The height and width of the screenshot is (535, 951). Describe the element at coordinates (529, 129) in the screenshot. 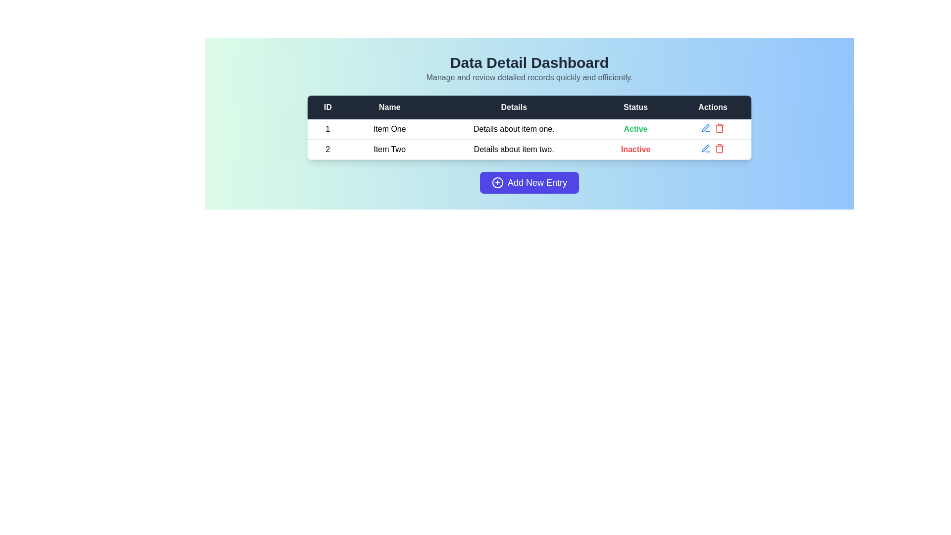

I see `details presented in the first row of the table, which includes ID '1', name 'Item One', description 'Details about item one.', and status 'Active'` at that location.